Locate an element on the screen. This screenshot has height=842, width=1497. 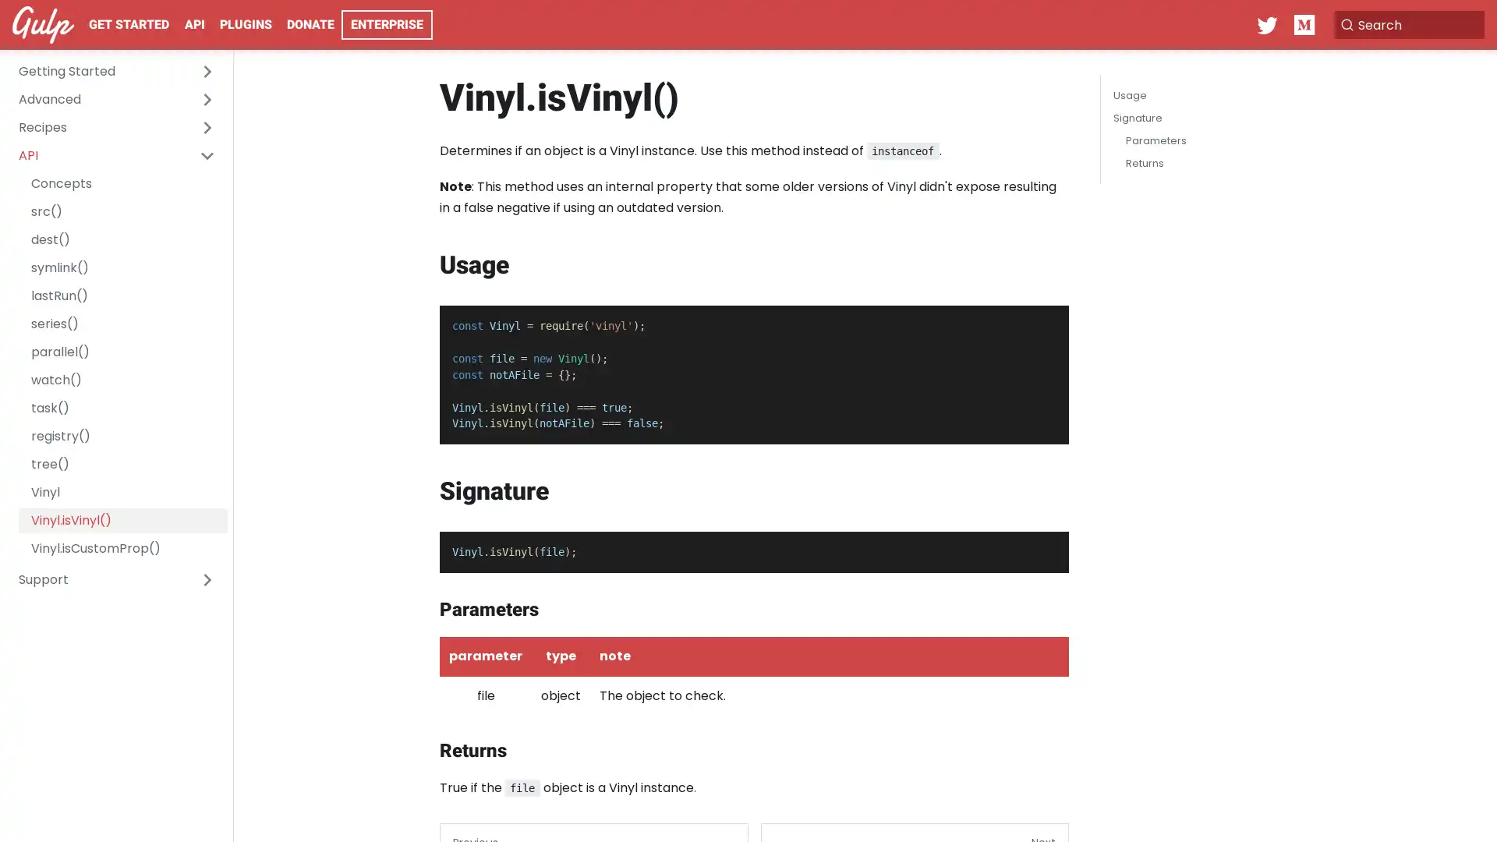
Search is located at coordinates (1407, 24).